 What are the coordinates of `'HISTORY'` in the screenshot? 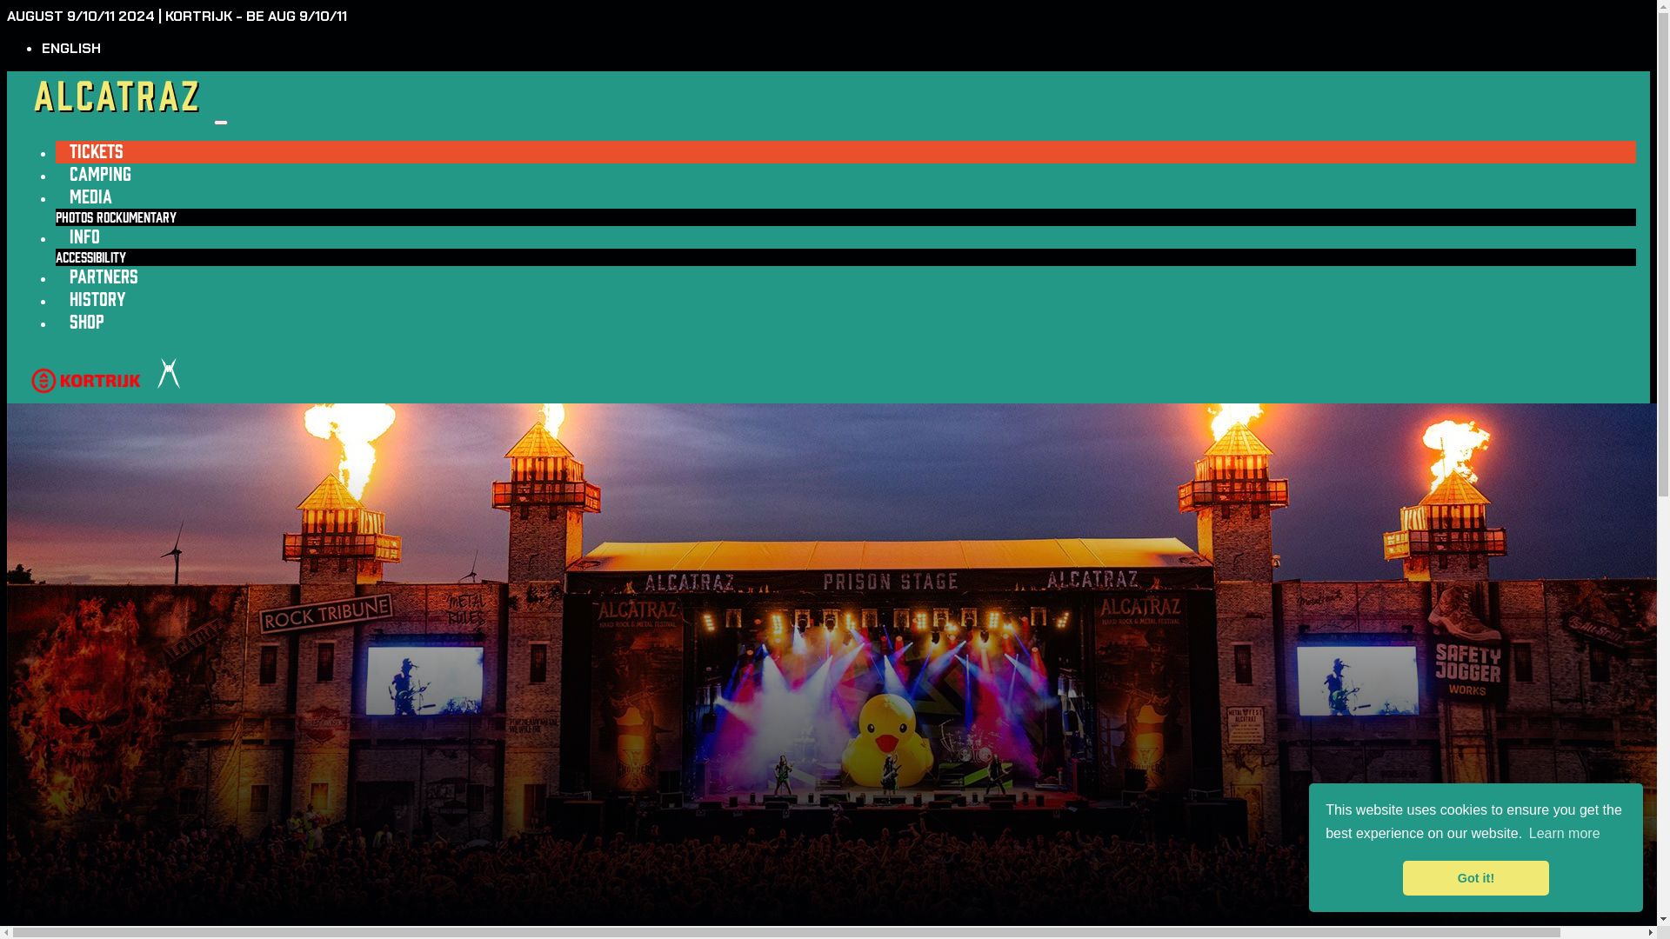 It's located at (55, 298).